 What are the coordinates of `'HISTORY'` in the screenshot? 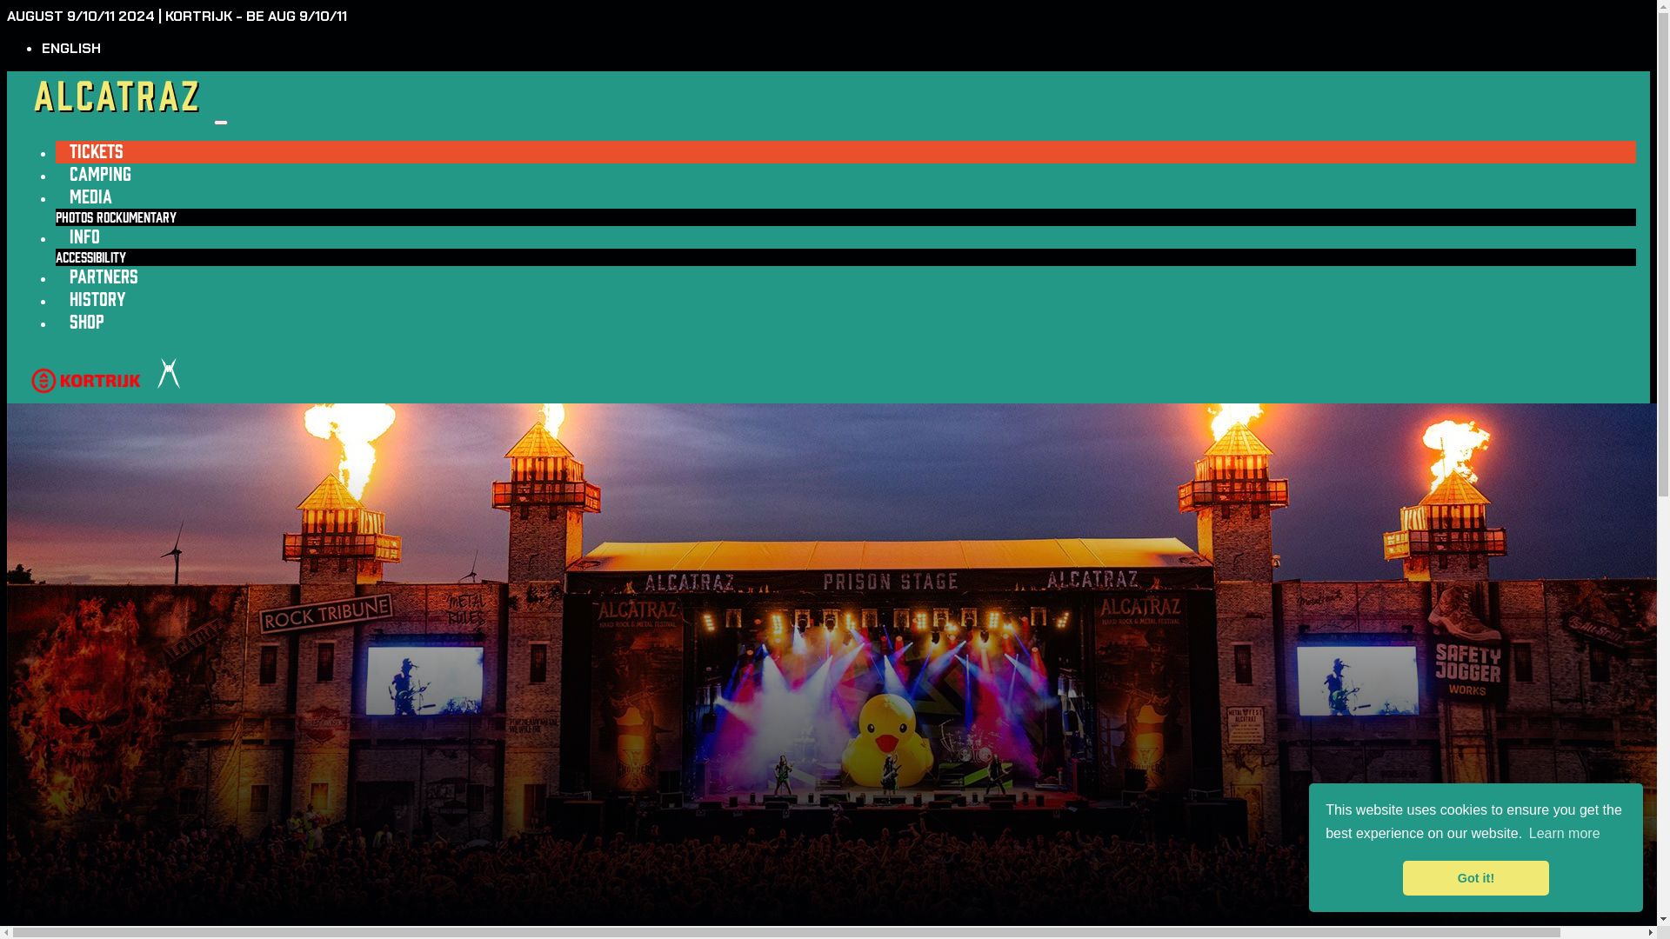 It's located at (55, 298).